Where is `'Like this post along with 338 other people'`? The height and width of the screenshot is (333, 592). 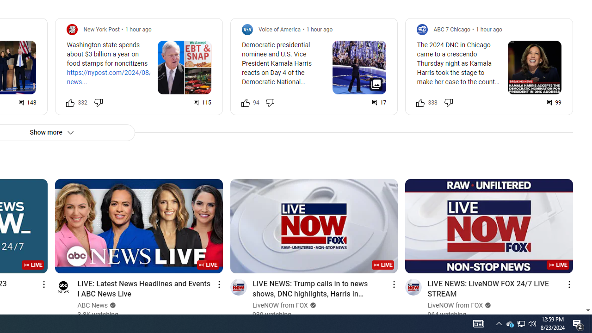
'Like this post along with 338 other people' is located at coordinates (420, 102).